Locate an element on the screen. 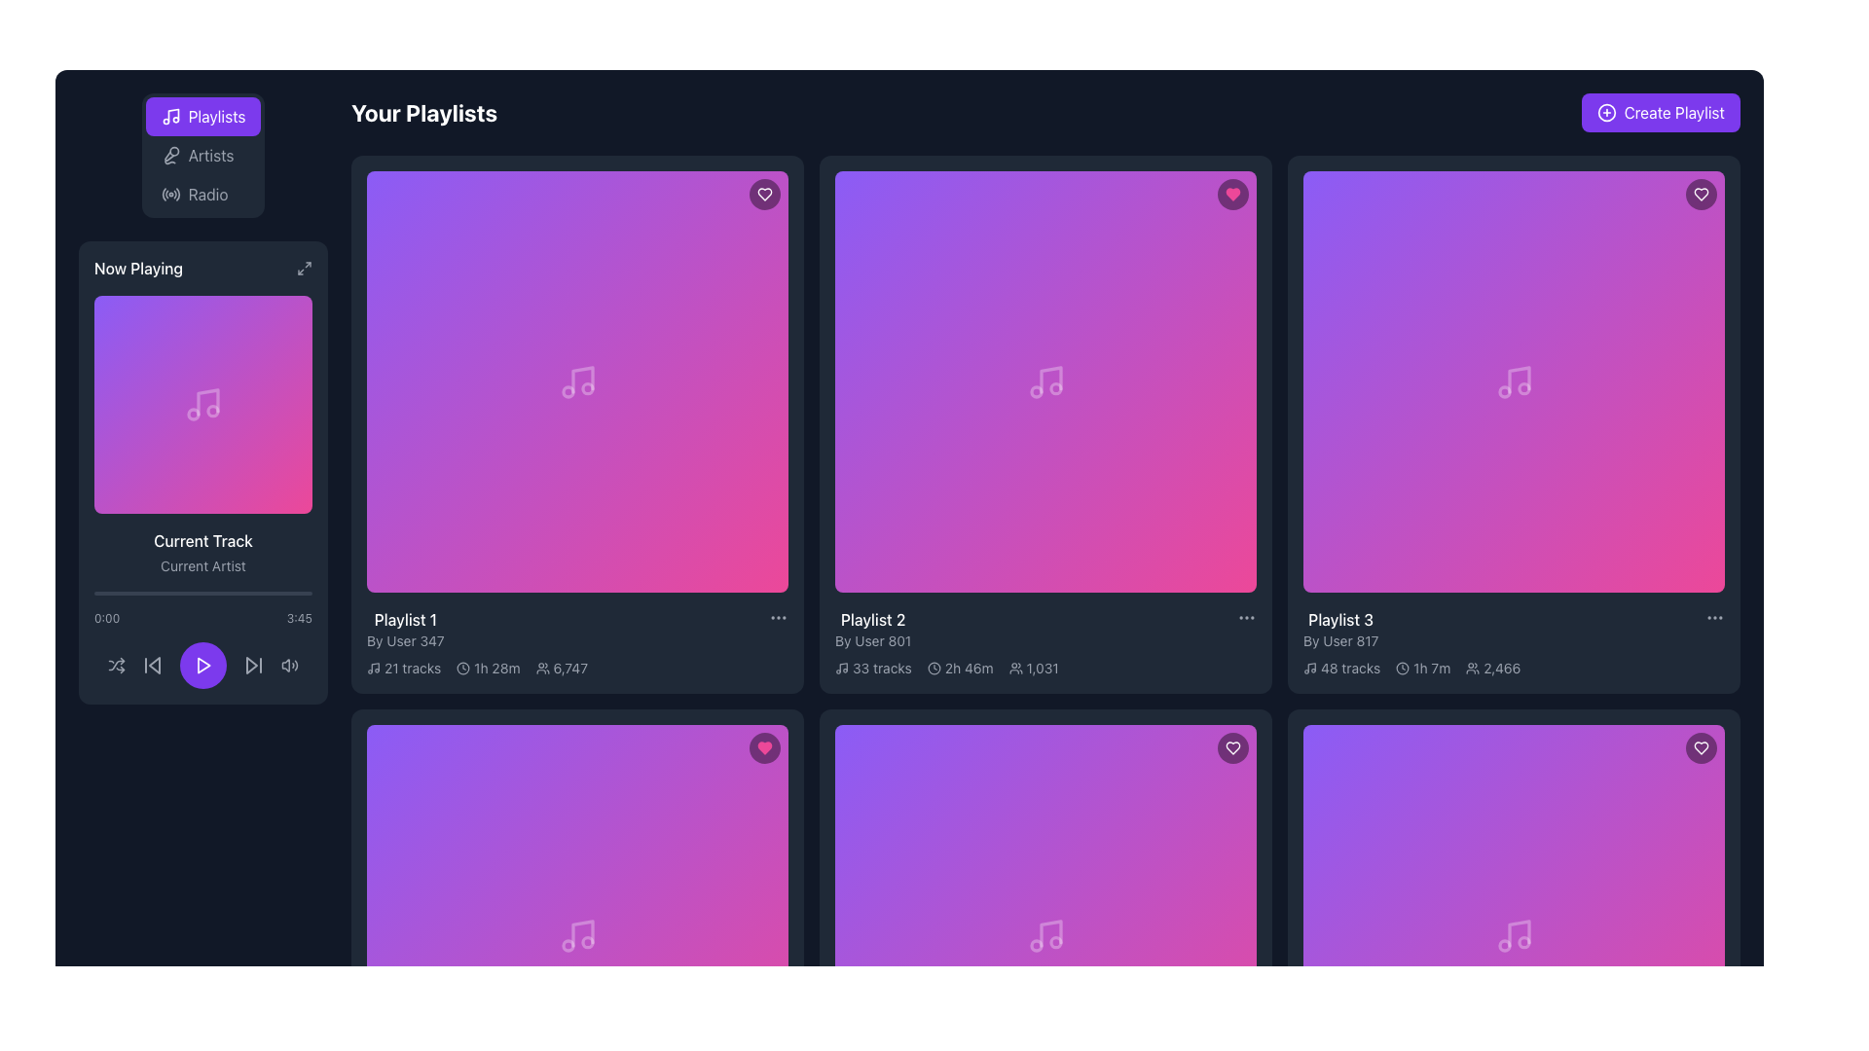 This screenshot has width=1869, height=1051. the Text display element titled 'Playlist 1' with subtitle 'By User 347' located in the 'Your Playlists' section is located at coordinates (404, 630).